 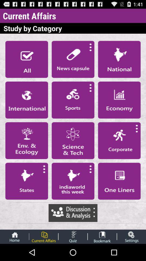 What do you see at coordinates (73, 213) in the screenshot?
I see `discussion` at bounding box center [73, 213].